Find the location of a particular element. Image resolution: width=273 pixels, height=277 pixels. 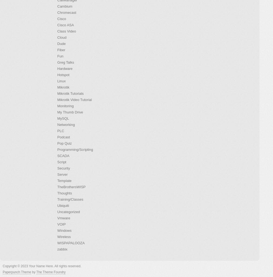

'Cisco' is located at coordinates (61, 18).